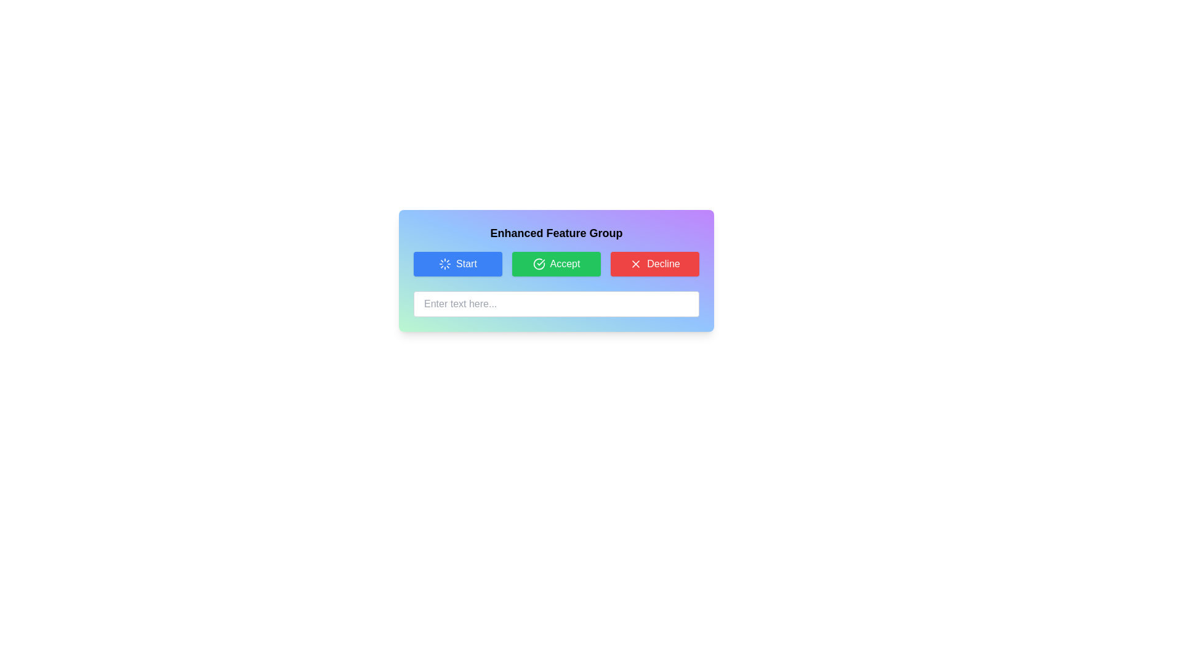  Describe the element at coordinates (636, 263) in the screenshot. I see `the small 'X' icon, which is an SVG element styled with a consistent stroke width and located towards the center-right of the 'Decline' button` at that location.